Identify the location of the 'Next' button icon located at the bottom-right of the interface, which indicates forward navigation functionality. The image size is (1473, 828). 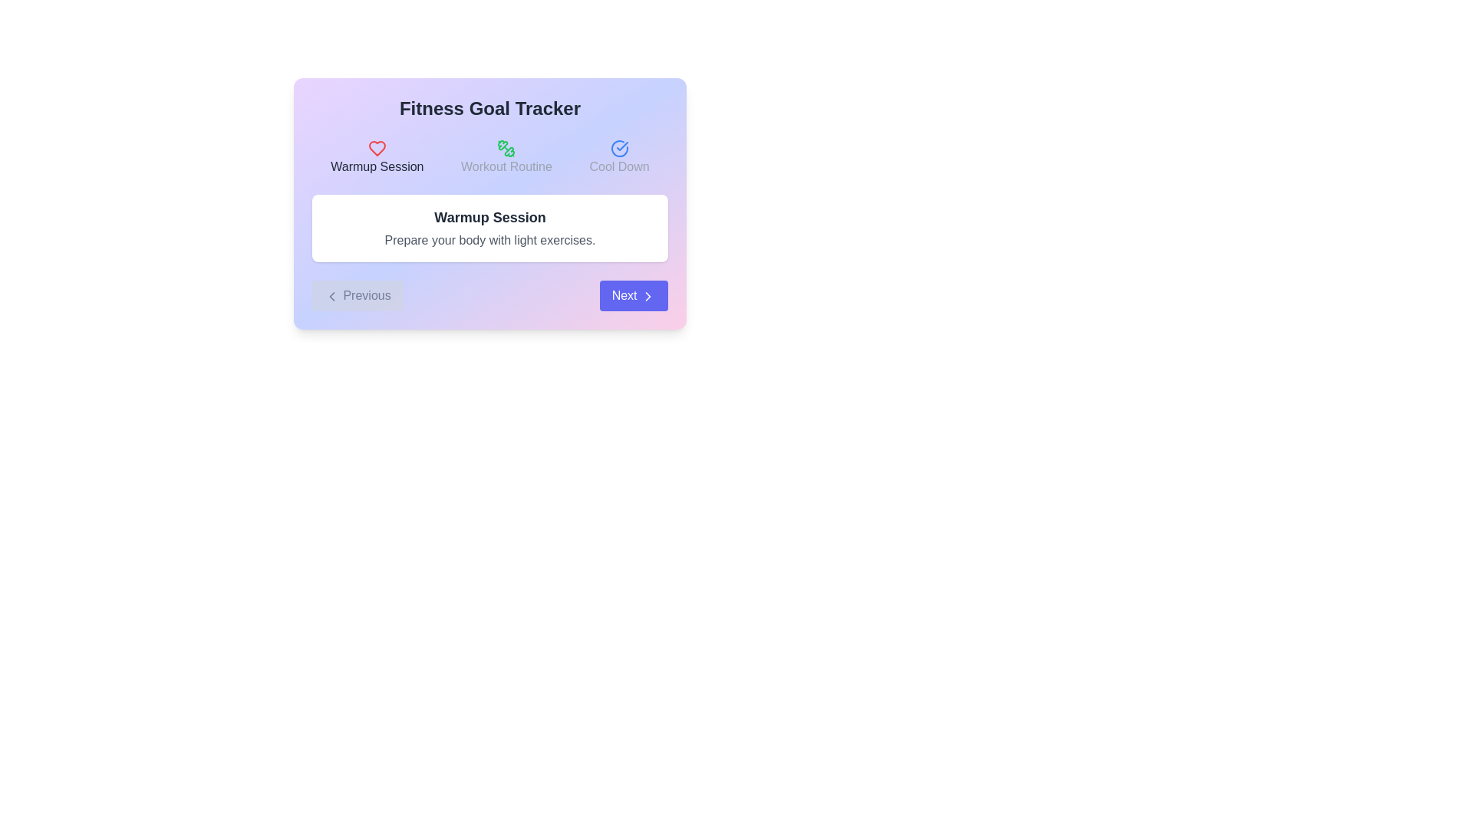
(648, 295).